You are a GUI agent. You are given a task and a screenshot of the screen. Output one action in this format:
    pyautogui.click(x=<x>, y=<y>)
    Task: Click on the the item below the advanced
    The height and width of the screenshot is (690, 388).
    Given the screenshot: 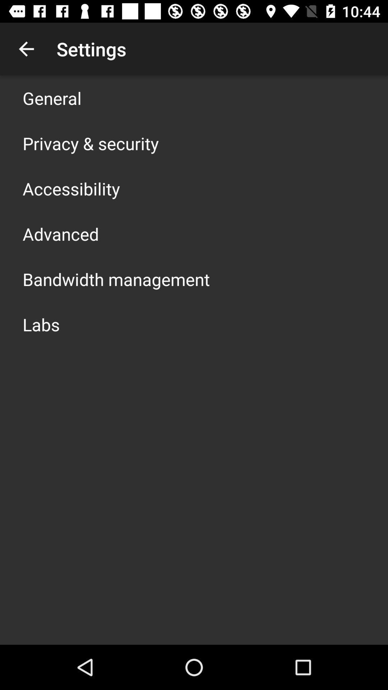 What is the action you would take?
    pyautogui.click(x=116, y=279)
    